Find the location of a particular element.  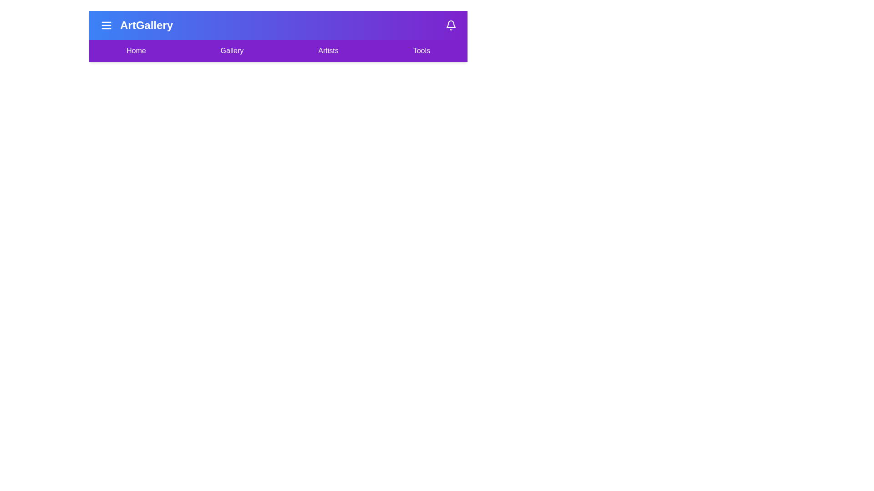

the menu item labeled Gallery to navigate to the corresponding section is located at coordinates (231, 50).